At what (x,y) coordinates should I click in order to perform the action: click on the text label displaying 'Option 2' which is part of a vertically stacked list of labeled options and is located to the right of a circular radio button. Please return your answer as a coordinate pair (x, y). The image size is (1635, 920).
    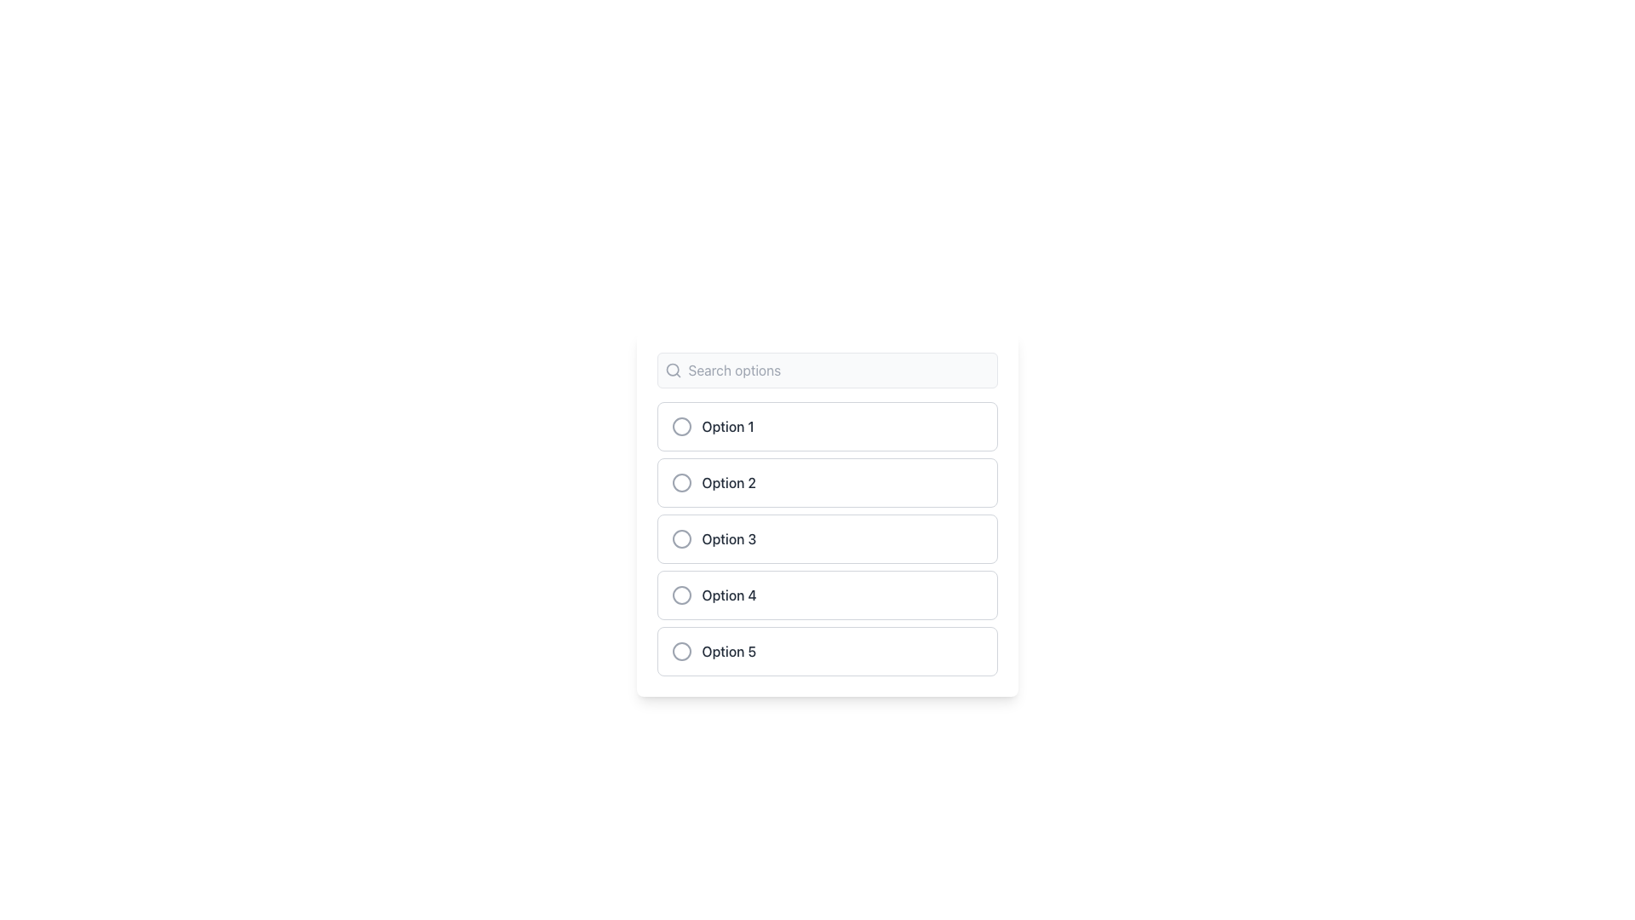
    Looking at the image, I should click on (729, 483).